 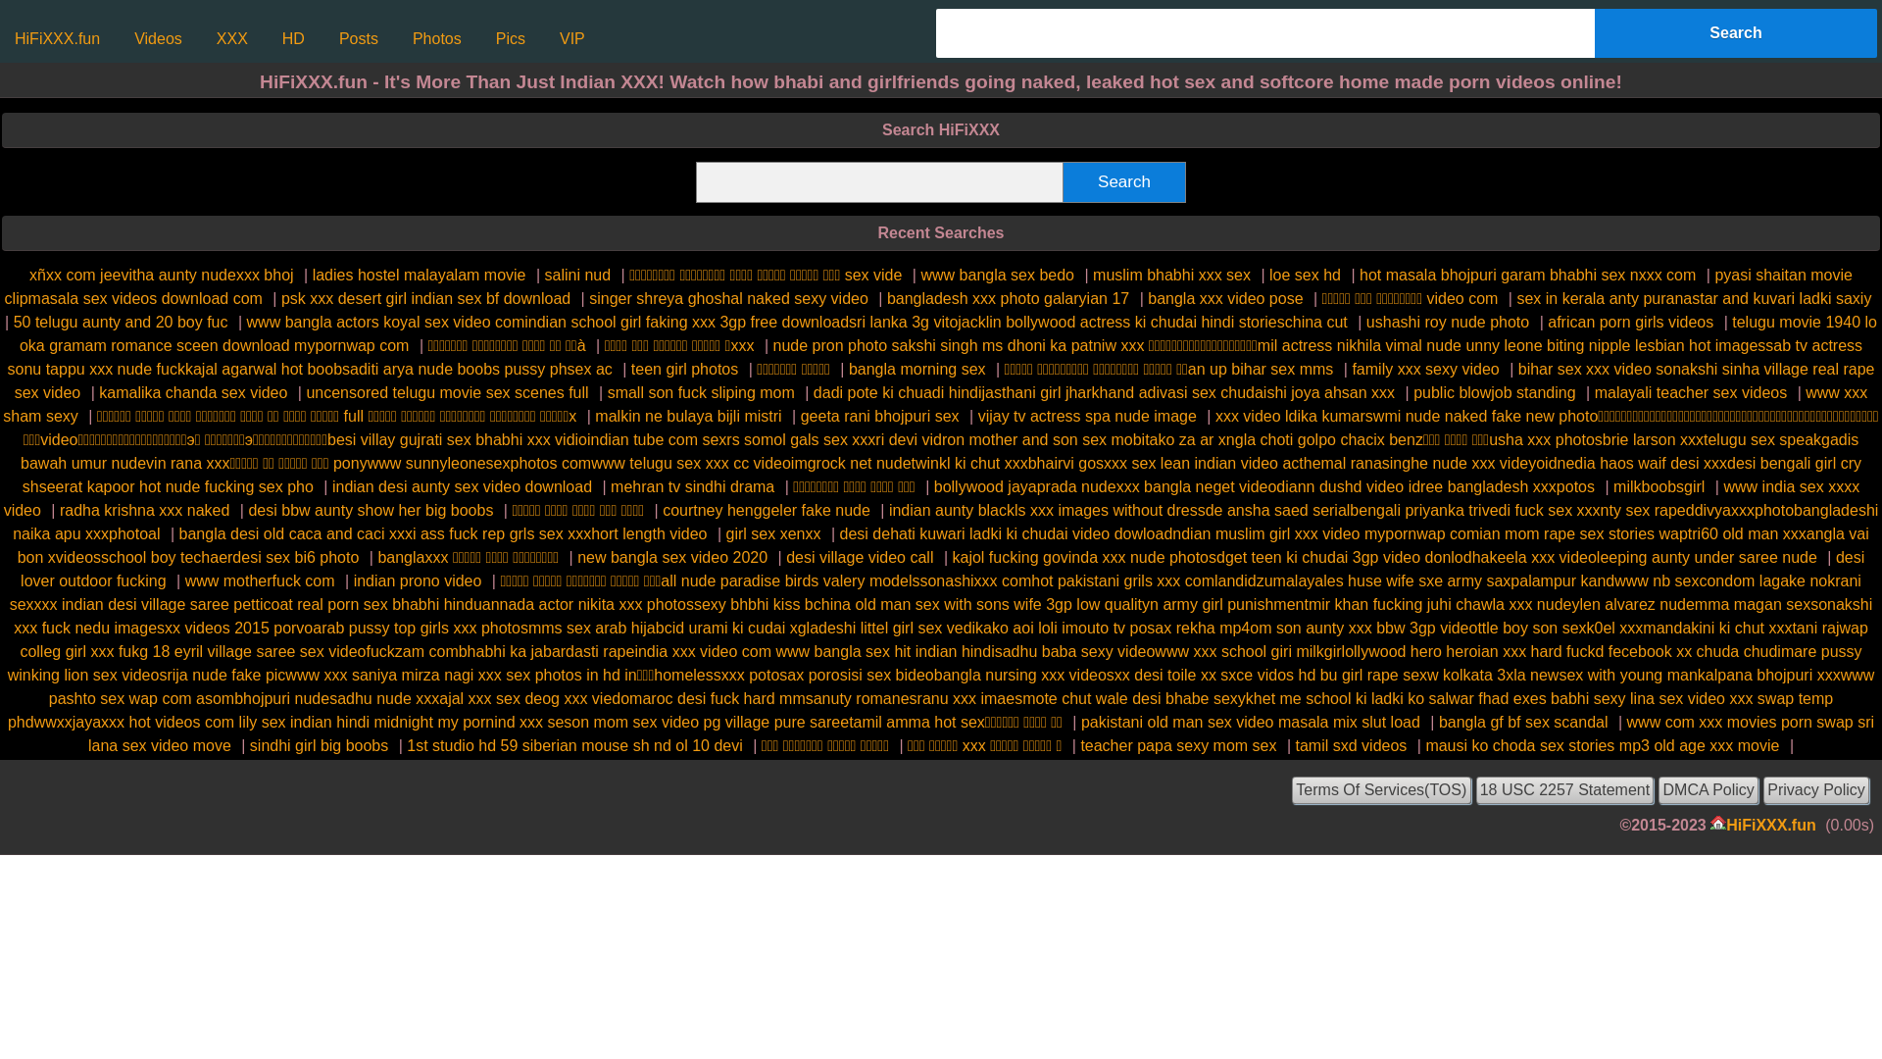 I want to click on 'www bangla sex bedo', so click(x=997, y=275).